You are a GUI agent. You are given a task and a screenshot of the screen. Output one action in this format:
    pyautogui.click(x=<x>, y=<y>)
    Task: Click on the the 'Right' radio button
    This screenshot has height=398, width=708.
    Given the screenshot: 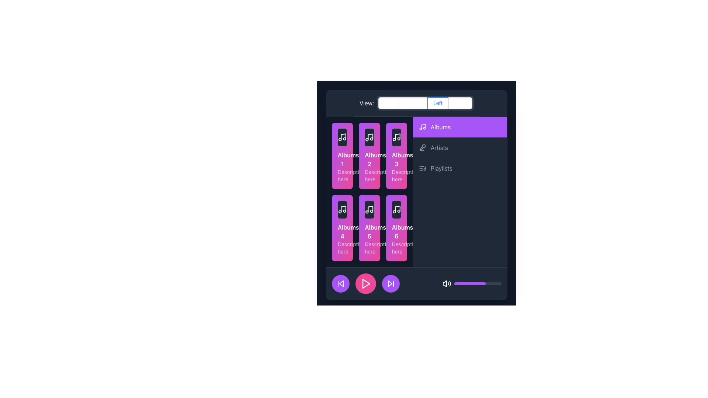 What is the action you would take?
    pyautogui.click(x=460, y=103)
    